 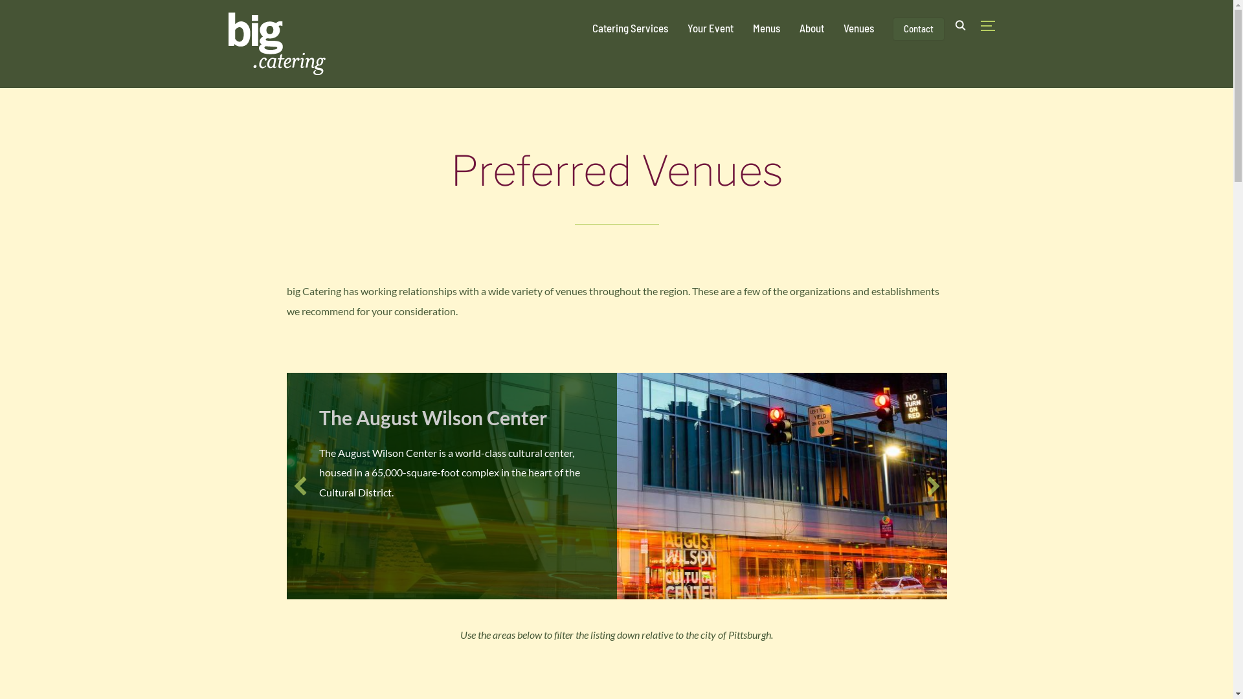 What do you see at coordinates (432, 417) in the screenshot?
I see `'The August Wilson Center'` at bounding box center [432, 417].